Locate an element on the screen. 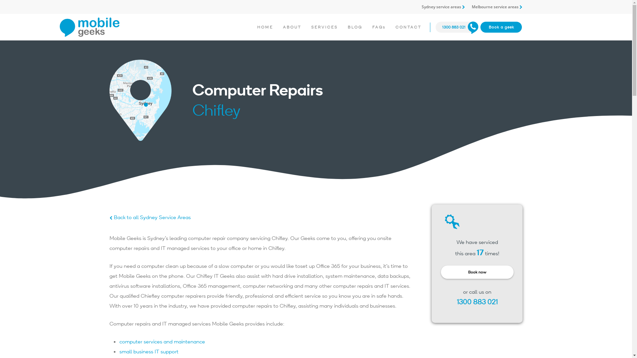 This screenshot has height=358, width=637. 'small business IT support' is located at coordinates (149, 351).